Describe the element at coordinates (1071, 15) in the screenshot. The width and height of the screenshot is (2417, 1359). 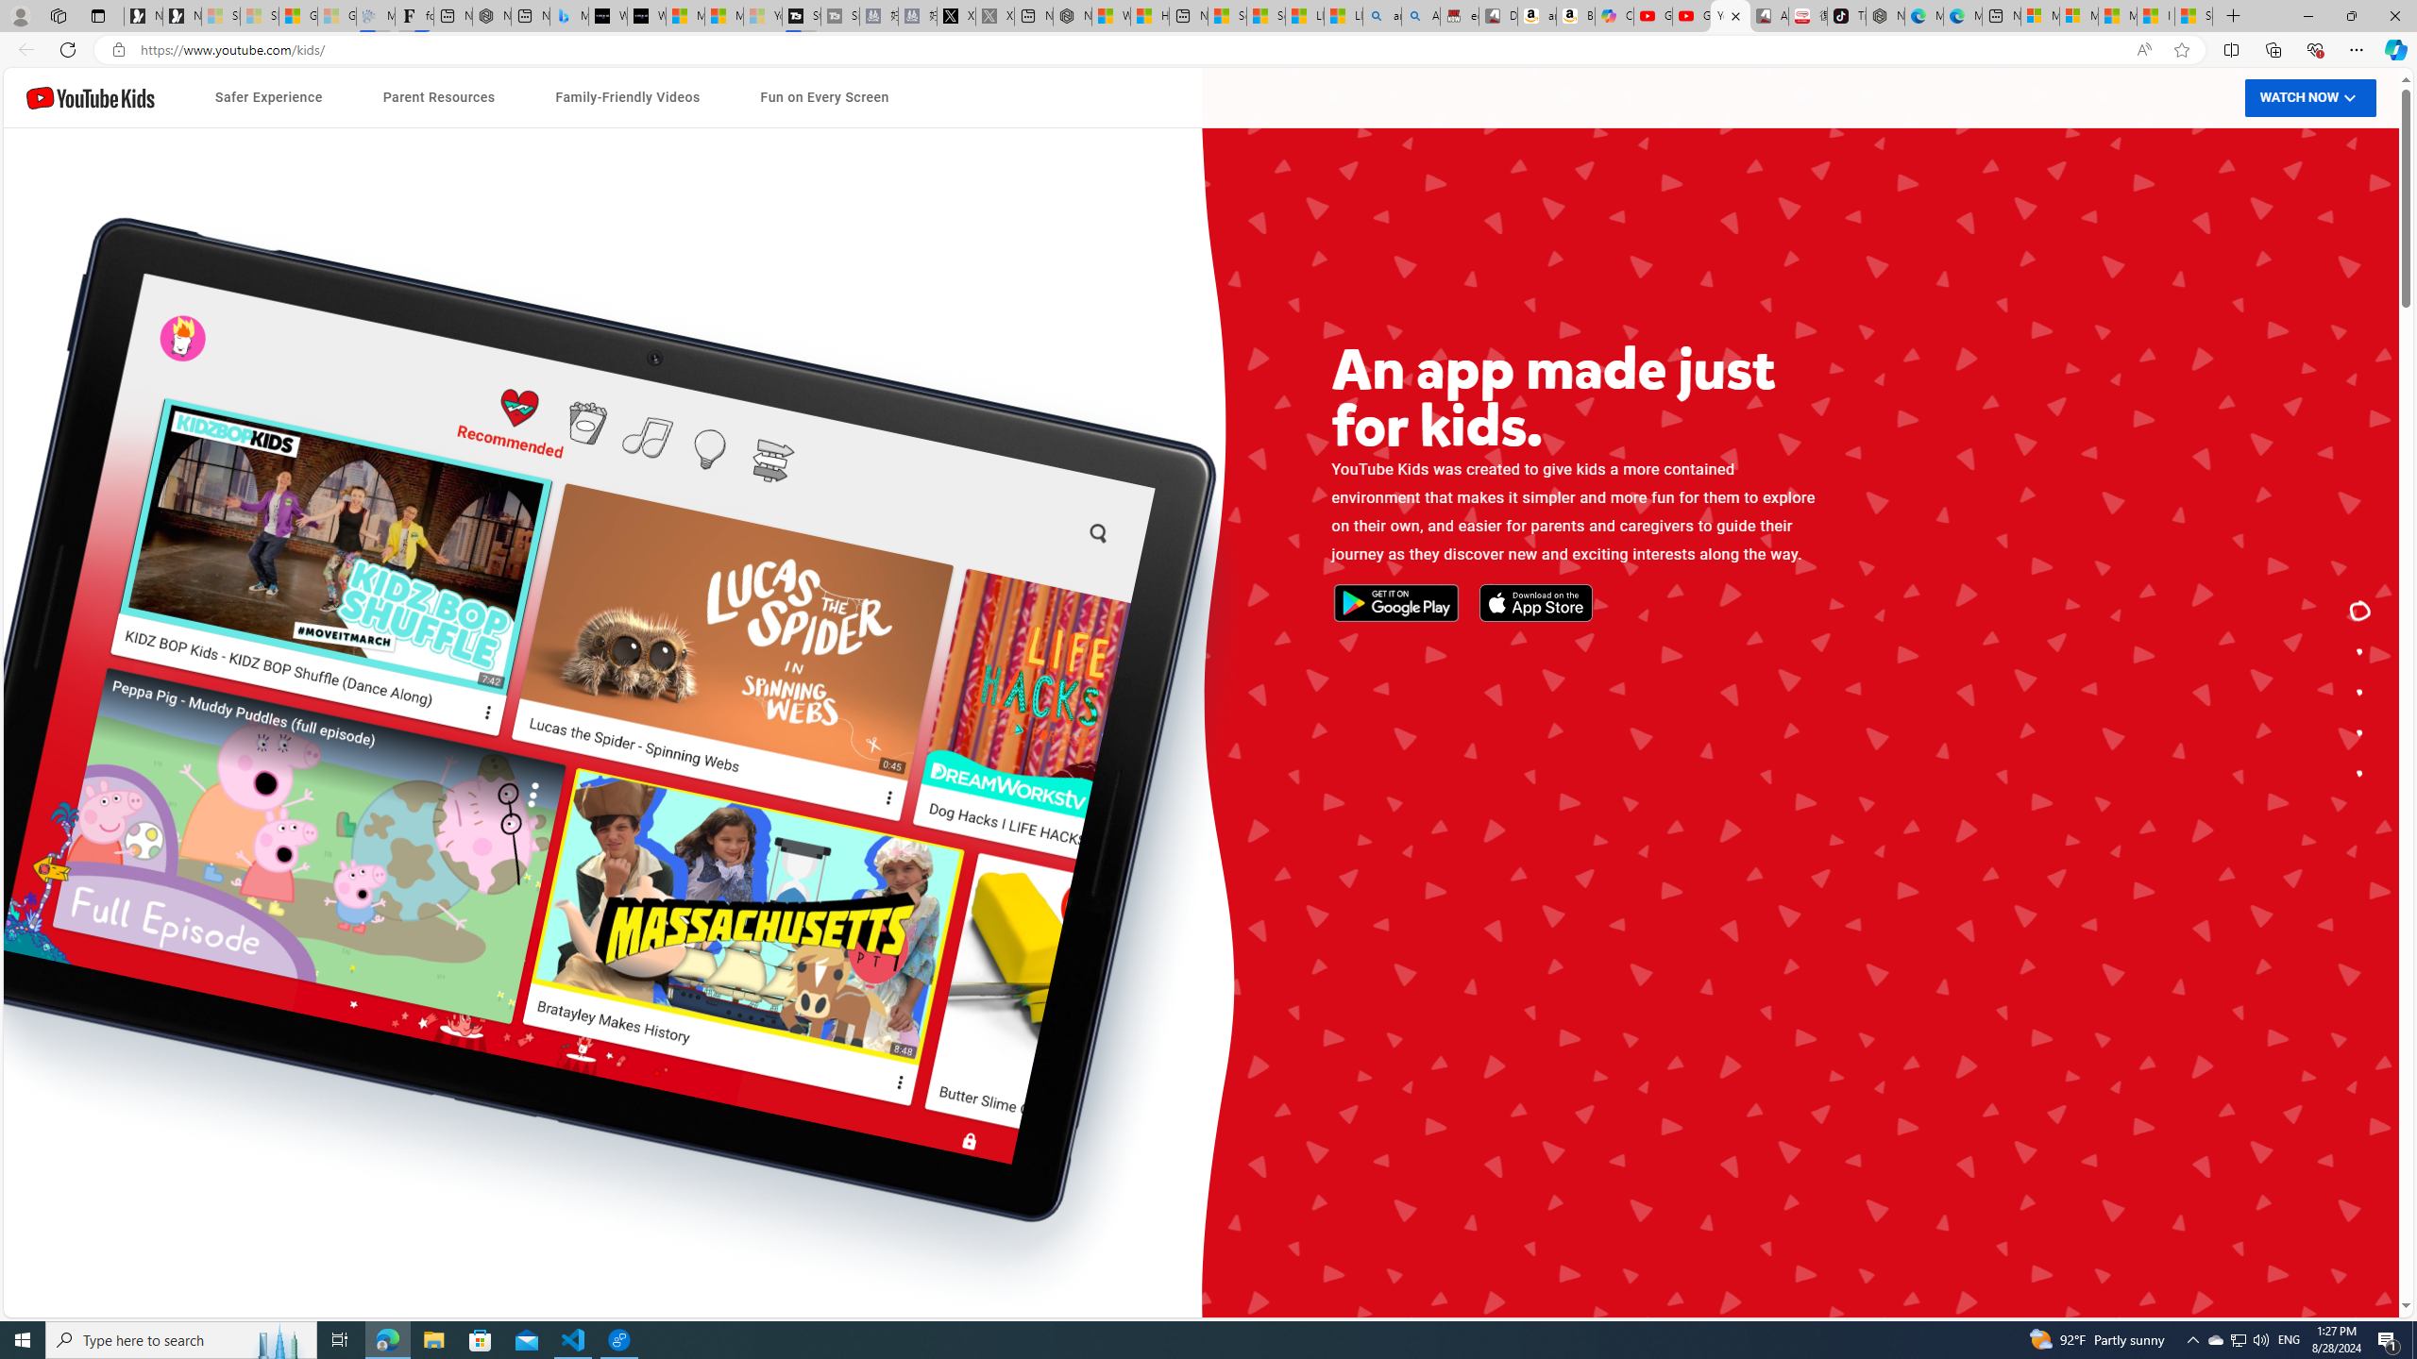
I see `'Nordace - My Account'` at that location.